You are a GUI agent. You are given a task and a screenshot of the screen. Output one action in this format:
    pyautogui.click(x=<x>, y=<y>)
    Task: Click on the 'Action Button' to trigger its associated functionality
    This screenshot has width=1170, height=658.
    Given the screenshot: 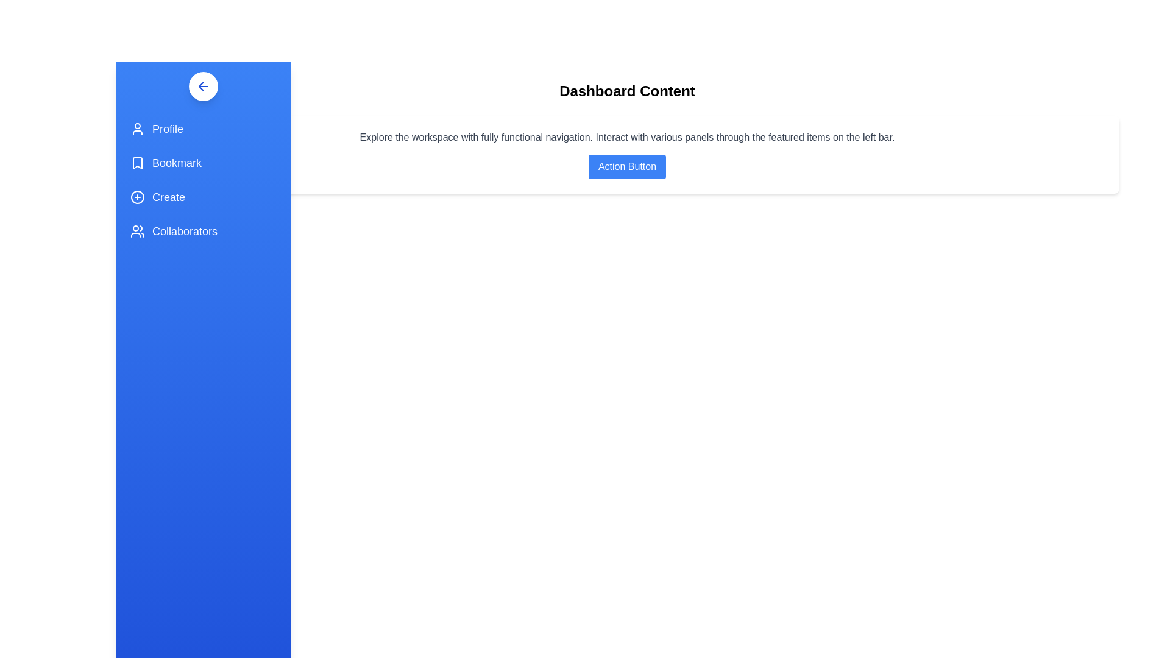 What is the action you would take?
    pyautogui.click(x=626, y=166)
    